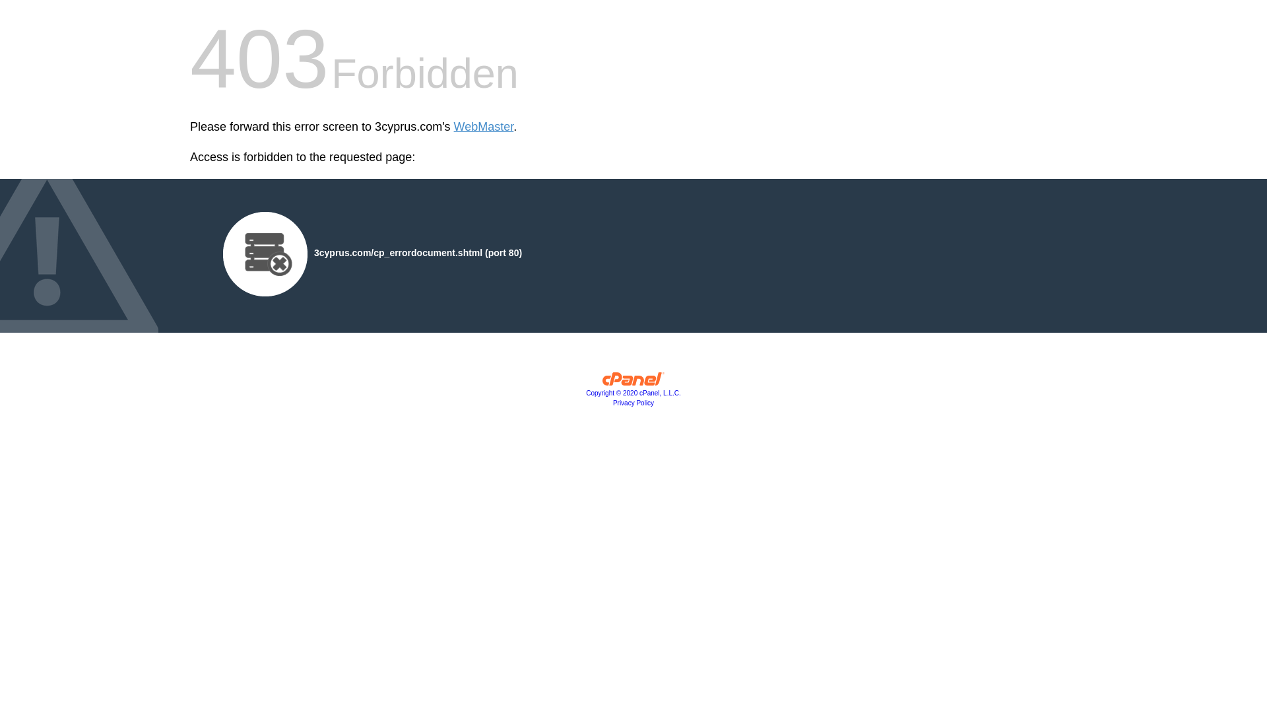 Image resolution: width=1267 pixels, height=713 pixels. Describe the element at coordinates (483, 127) in the screenshot. I see `'WebMaster'` at that location.